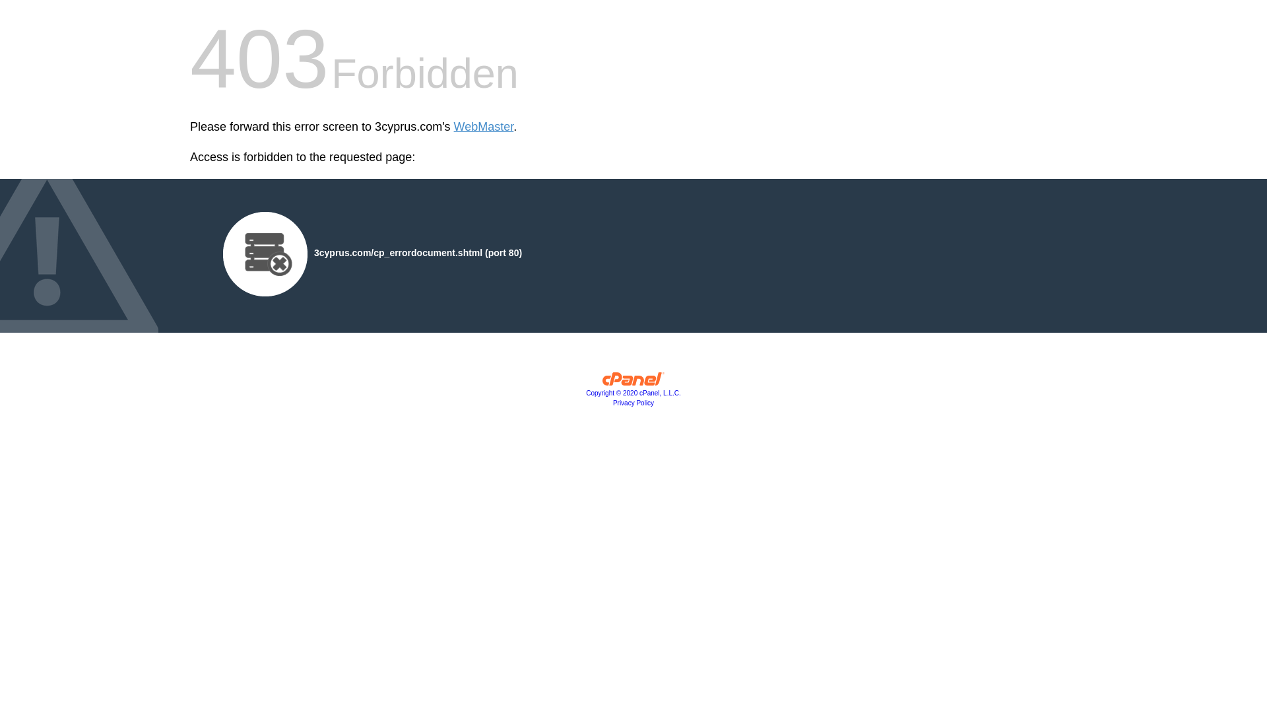 Image resolution: width=1267 pixels, height=713 pixels. Describe the element at coordinates (483, 127) in the screenshot. I see `'WebMaster'` at that location.